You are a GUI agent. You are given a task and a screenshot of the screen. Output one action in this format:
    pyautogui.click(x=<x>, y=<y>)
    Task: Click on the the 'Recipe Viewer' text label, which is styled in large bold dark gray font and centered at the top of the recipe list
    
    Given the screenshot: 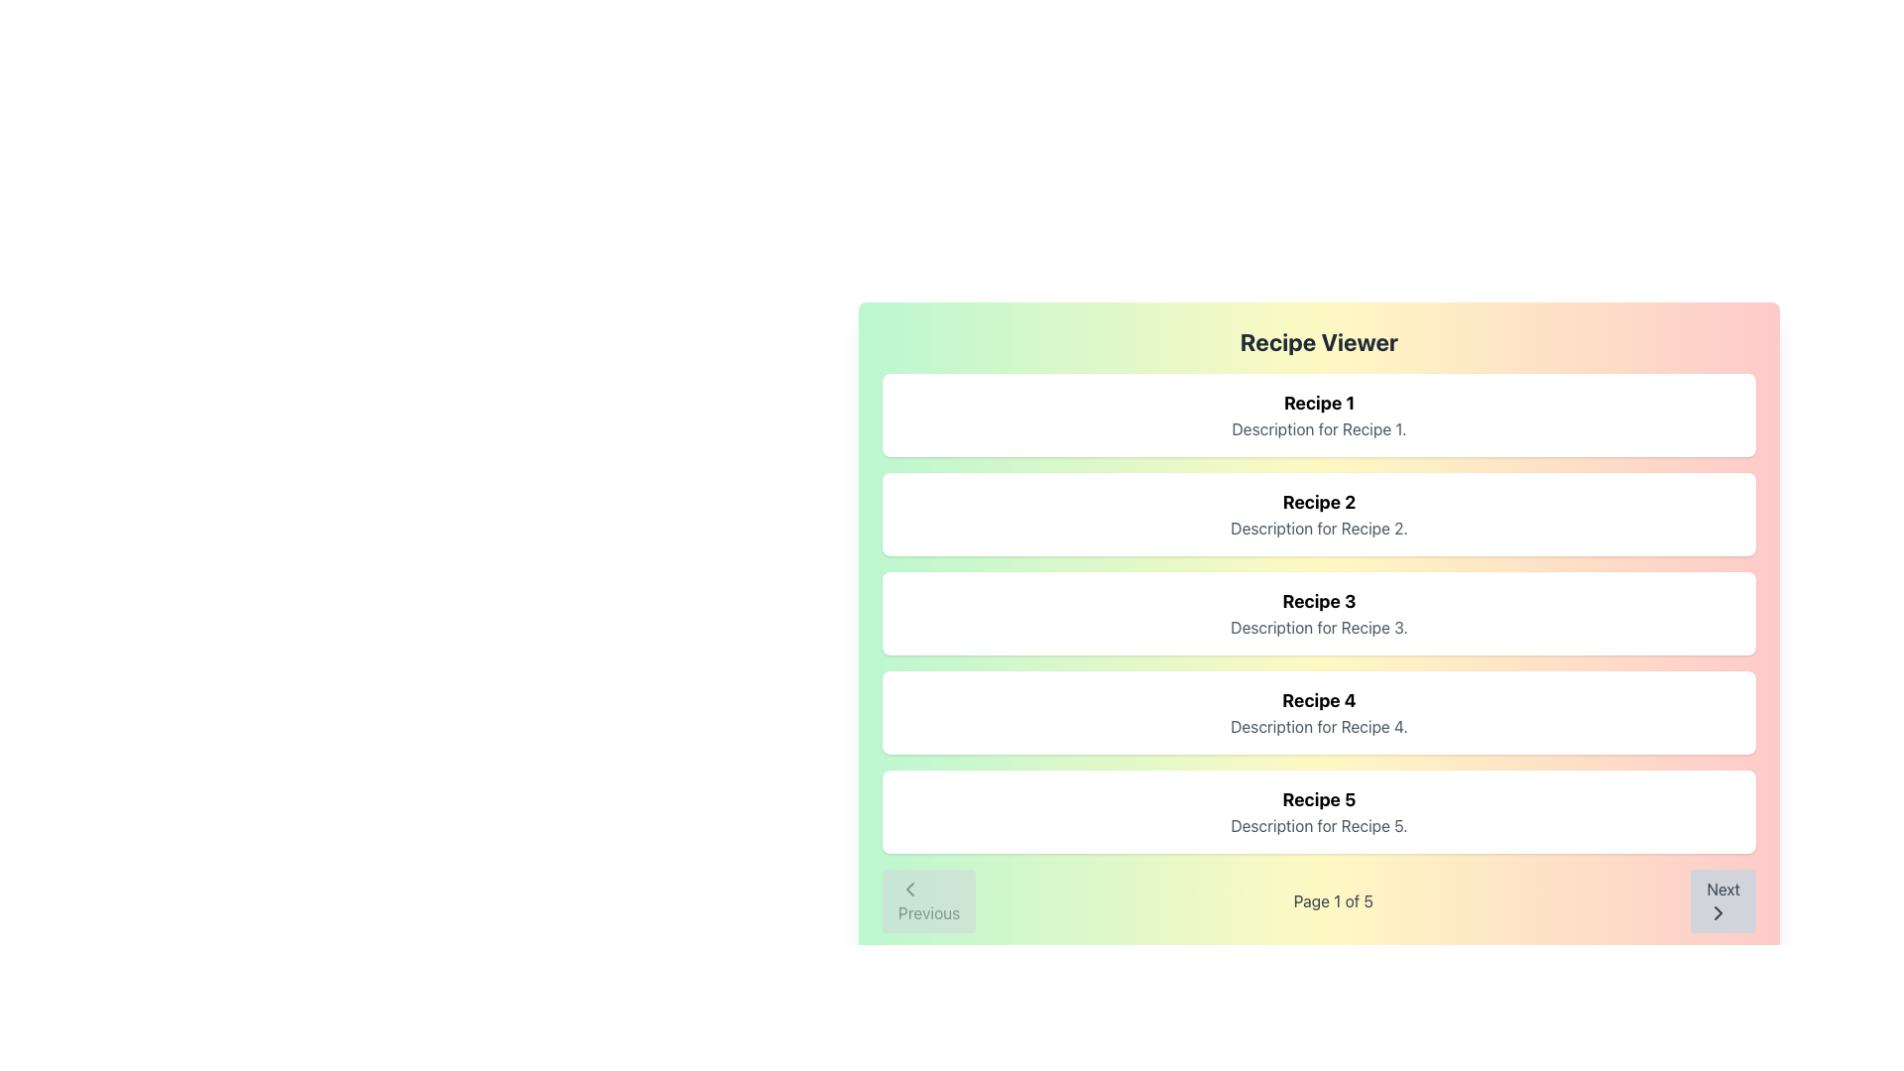 What is the action you would take?
    pyautogui.click(x=1319, y=340)
    